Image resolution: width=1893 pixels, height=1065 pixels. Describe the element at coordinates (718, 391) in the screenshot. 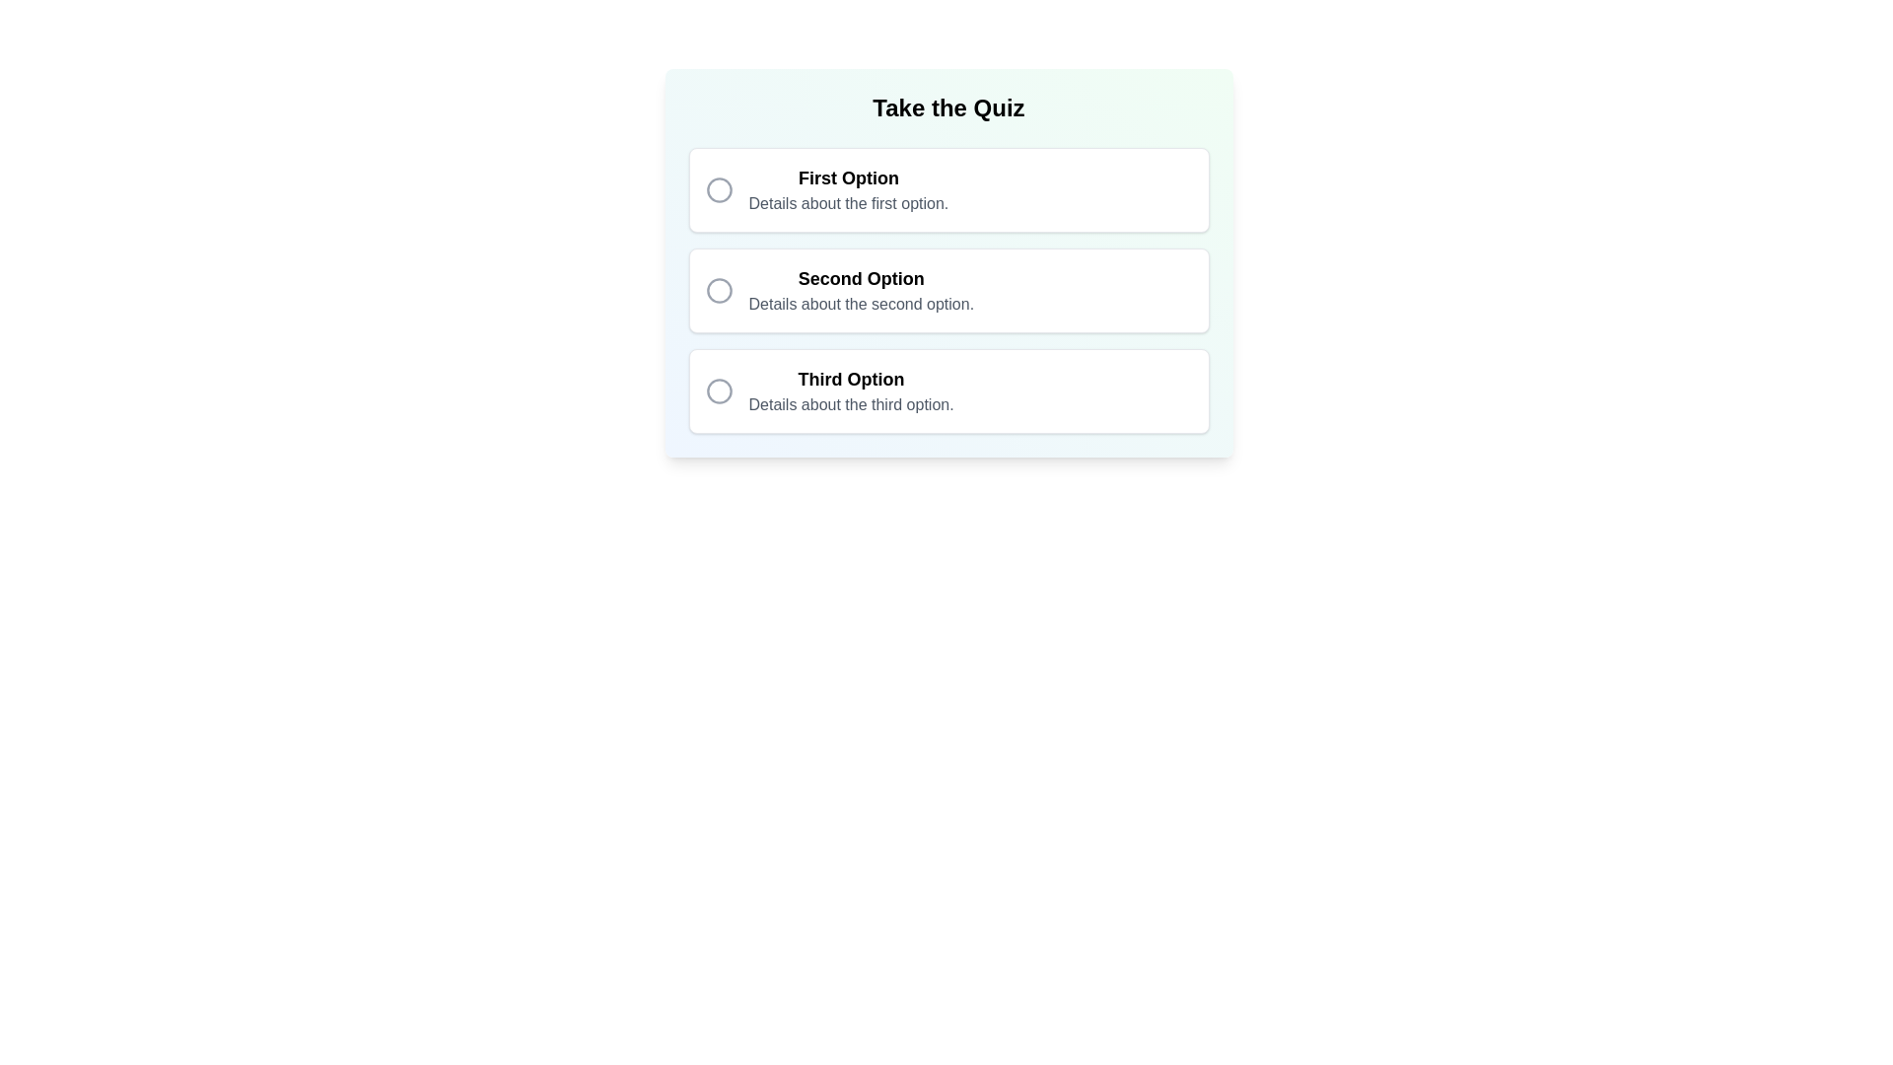

I see `the checkbox or selection marker icon for the 'Third Option' in the quiz, which serves as a visual indicator for selecting this option` at that location.